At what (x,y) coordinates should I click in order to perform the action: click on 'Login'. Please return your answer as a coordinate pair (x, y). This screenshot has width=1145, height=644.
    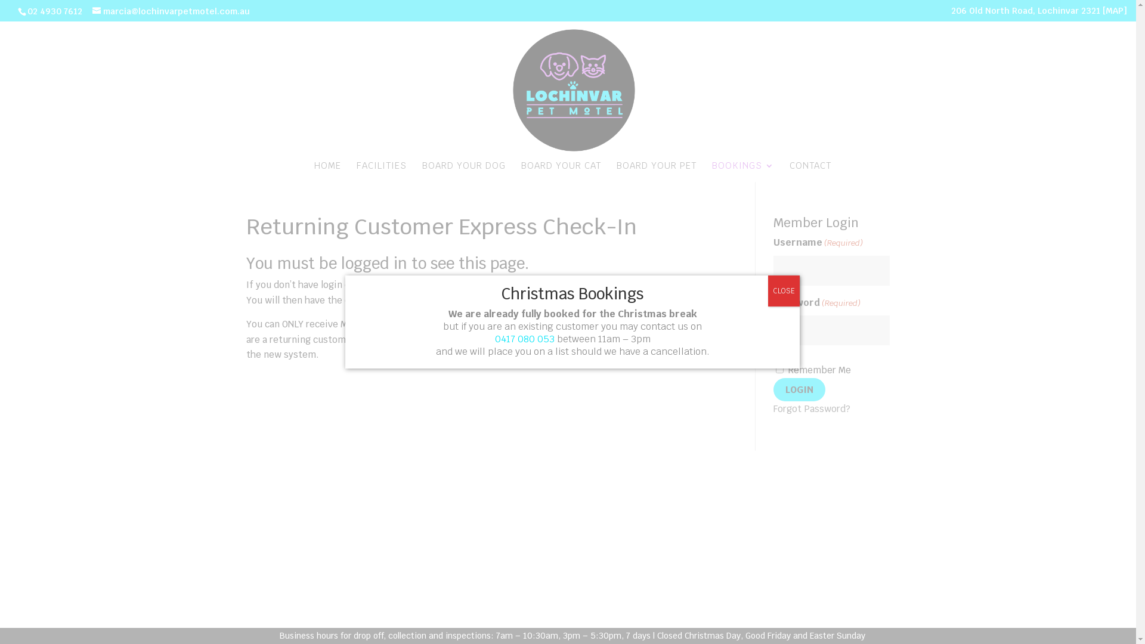
    Looking at the image, I should click on (799, 389).